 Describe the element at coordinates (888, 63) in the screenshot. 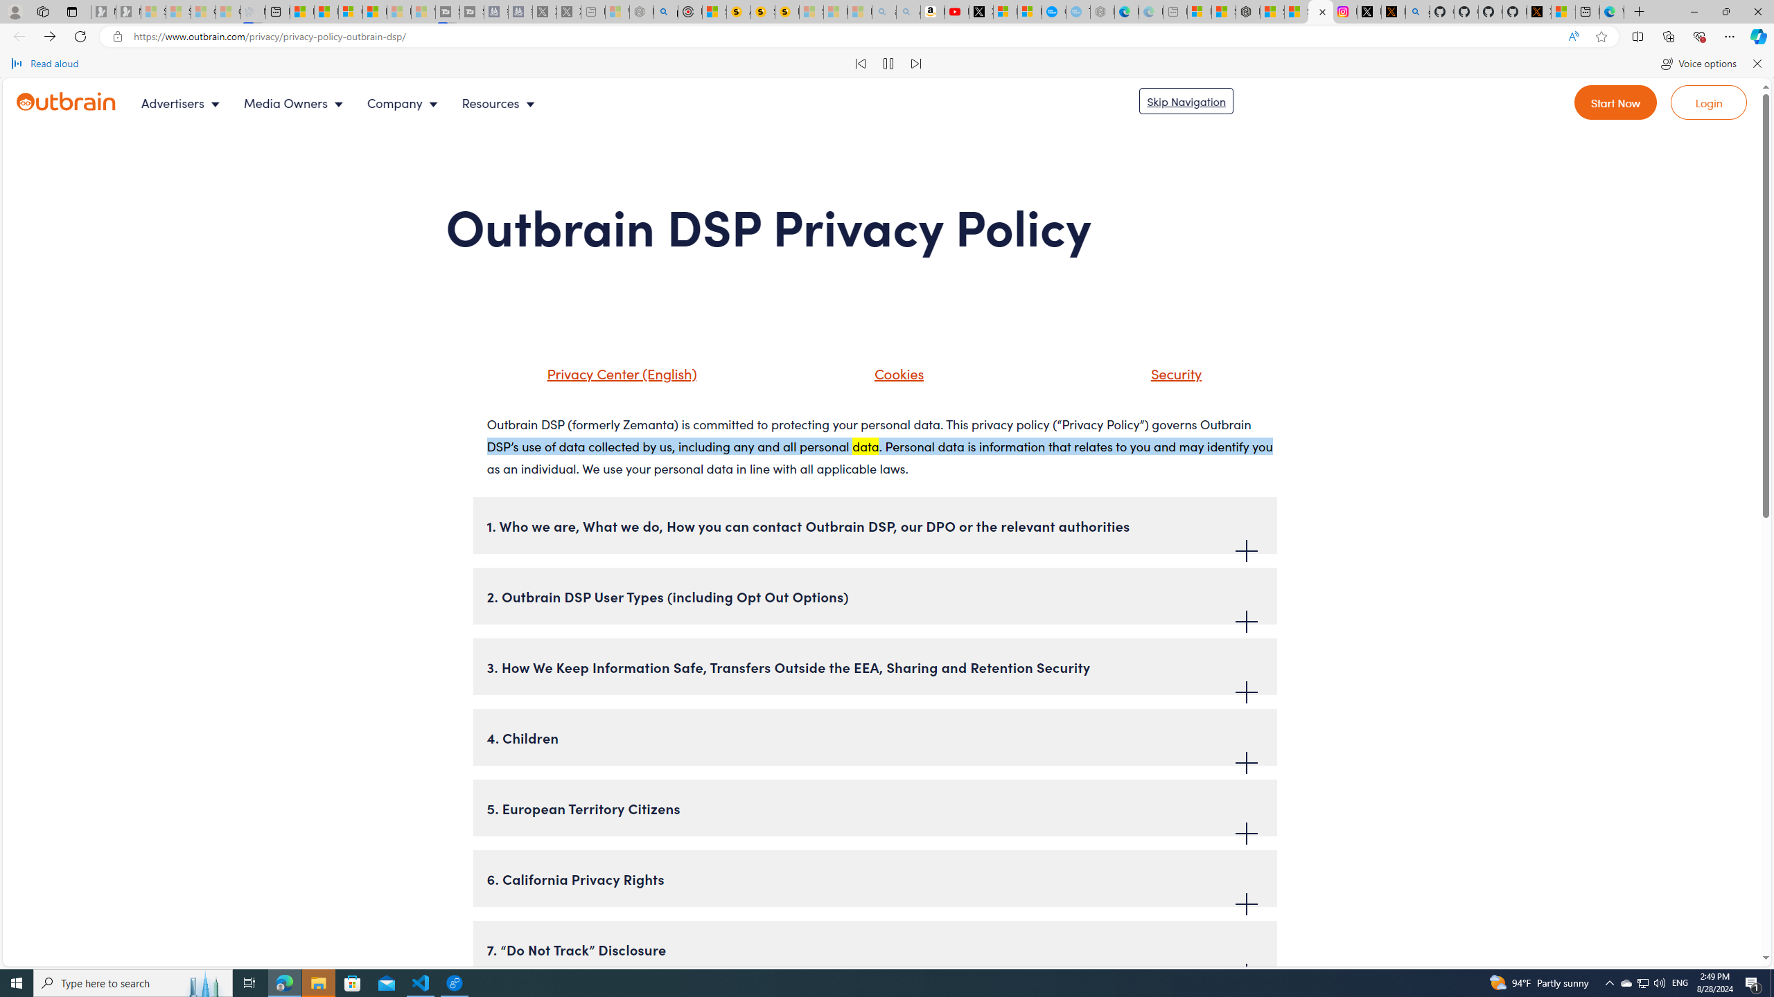

I see `'Pause read aloud (Ctrl+Shift+U)'` at that location.